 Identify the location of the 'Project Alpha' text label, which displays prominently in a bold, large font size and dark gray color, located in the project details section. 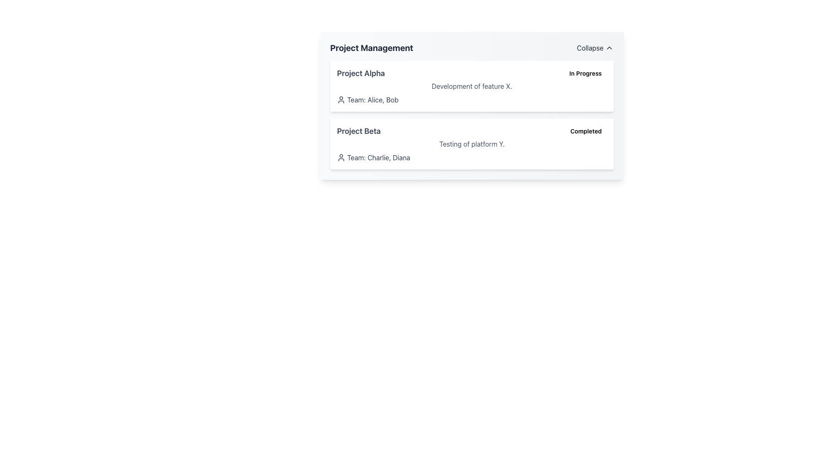
(361, 73).